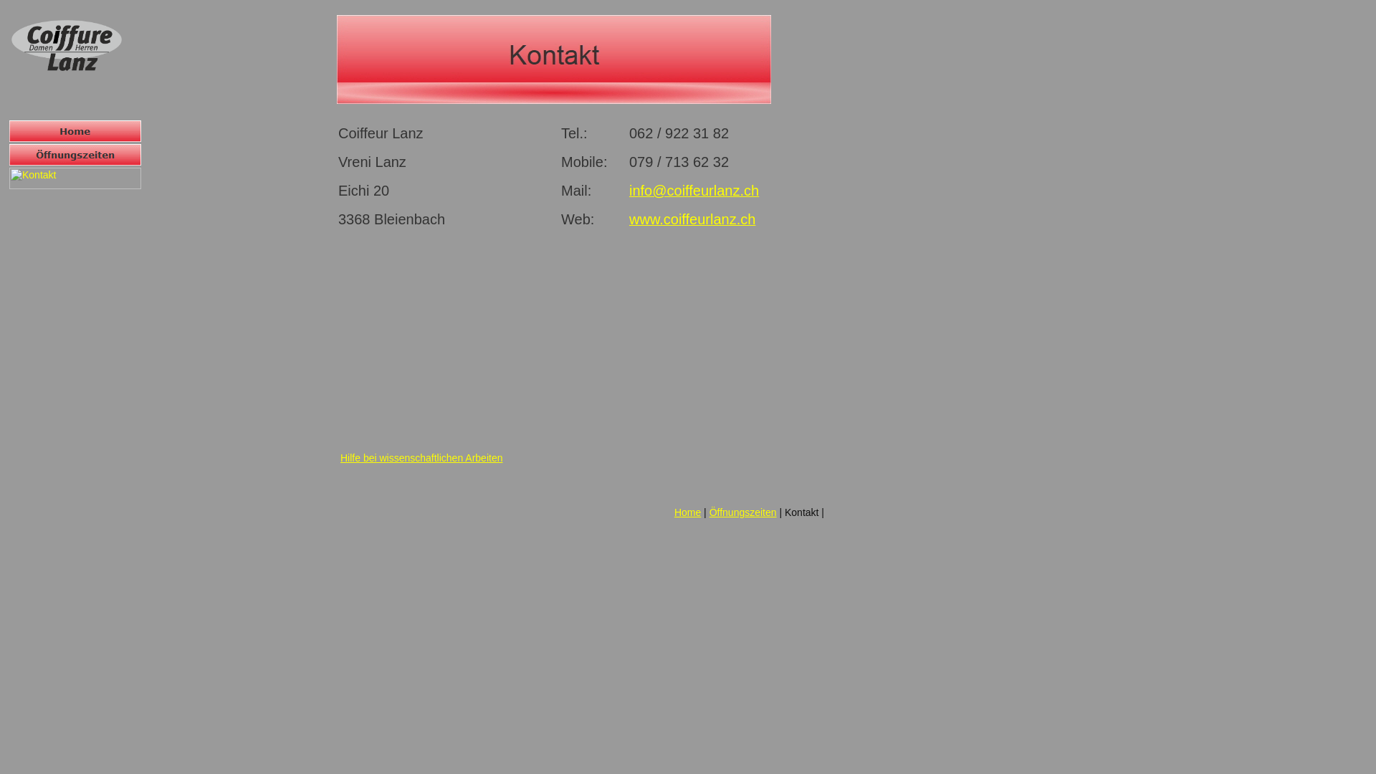 The width and height of the screenshot is (1376, 774). I want to click on 'Kontakt', so click(75, 178).